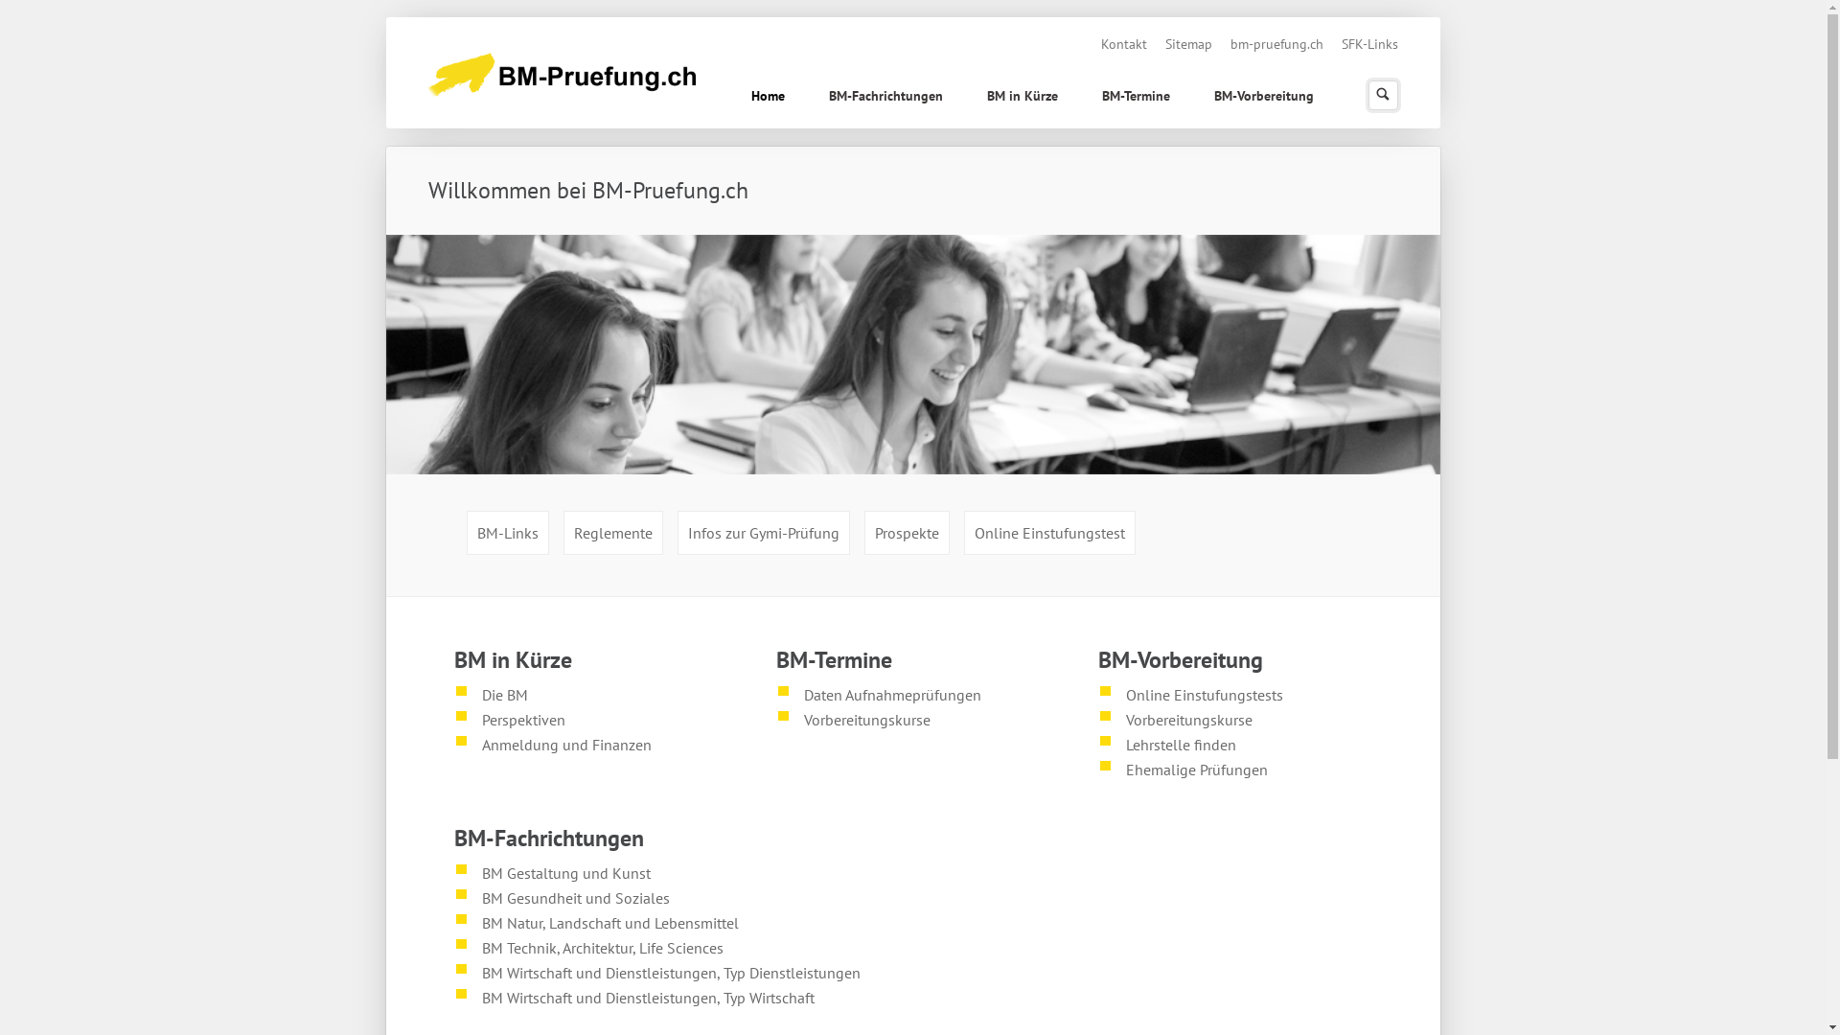 The image size is (1840, 1035). Describe the element at coordinates (671, 972) in the screenshot. I see `'BM Wirtschaft und Dienstleistungen, Typ Dienstleistungen'` at that location.